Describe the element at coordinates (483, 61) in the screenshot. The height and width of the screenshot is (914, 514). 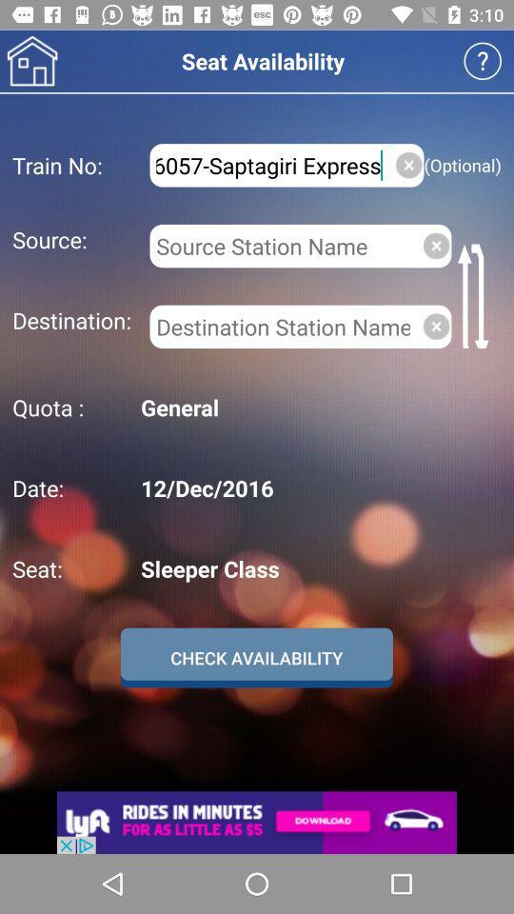
I see `mrore info` at that location.